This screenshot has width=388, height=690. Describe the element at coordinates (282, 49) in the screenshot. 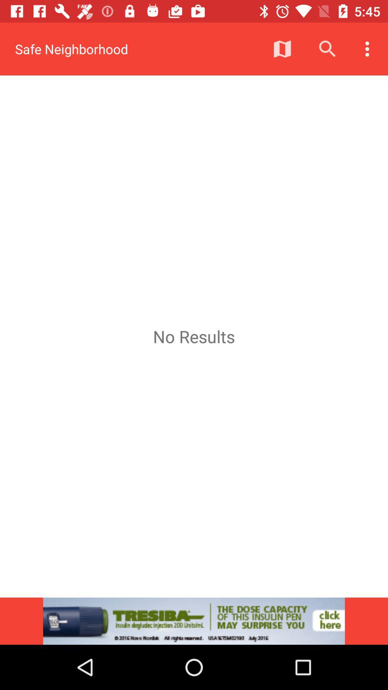

I see `the icon above no results item` at that location.